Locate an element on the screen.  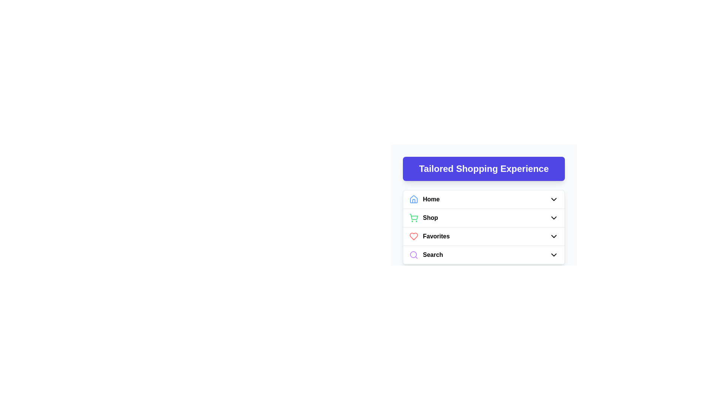
the 'Search' button with a dropdown component located below 'Favorites' in the navigation list is located at coordinates (484, 255).